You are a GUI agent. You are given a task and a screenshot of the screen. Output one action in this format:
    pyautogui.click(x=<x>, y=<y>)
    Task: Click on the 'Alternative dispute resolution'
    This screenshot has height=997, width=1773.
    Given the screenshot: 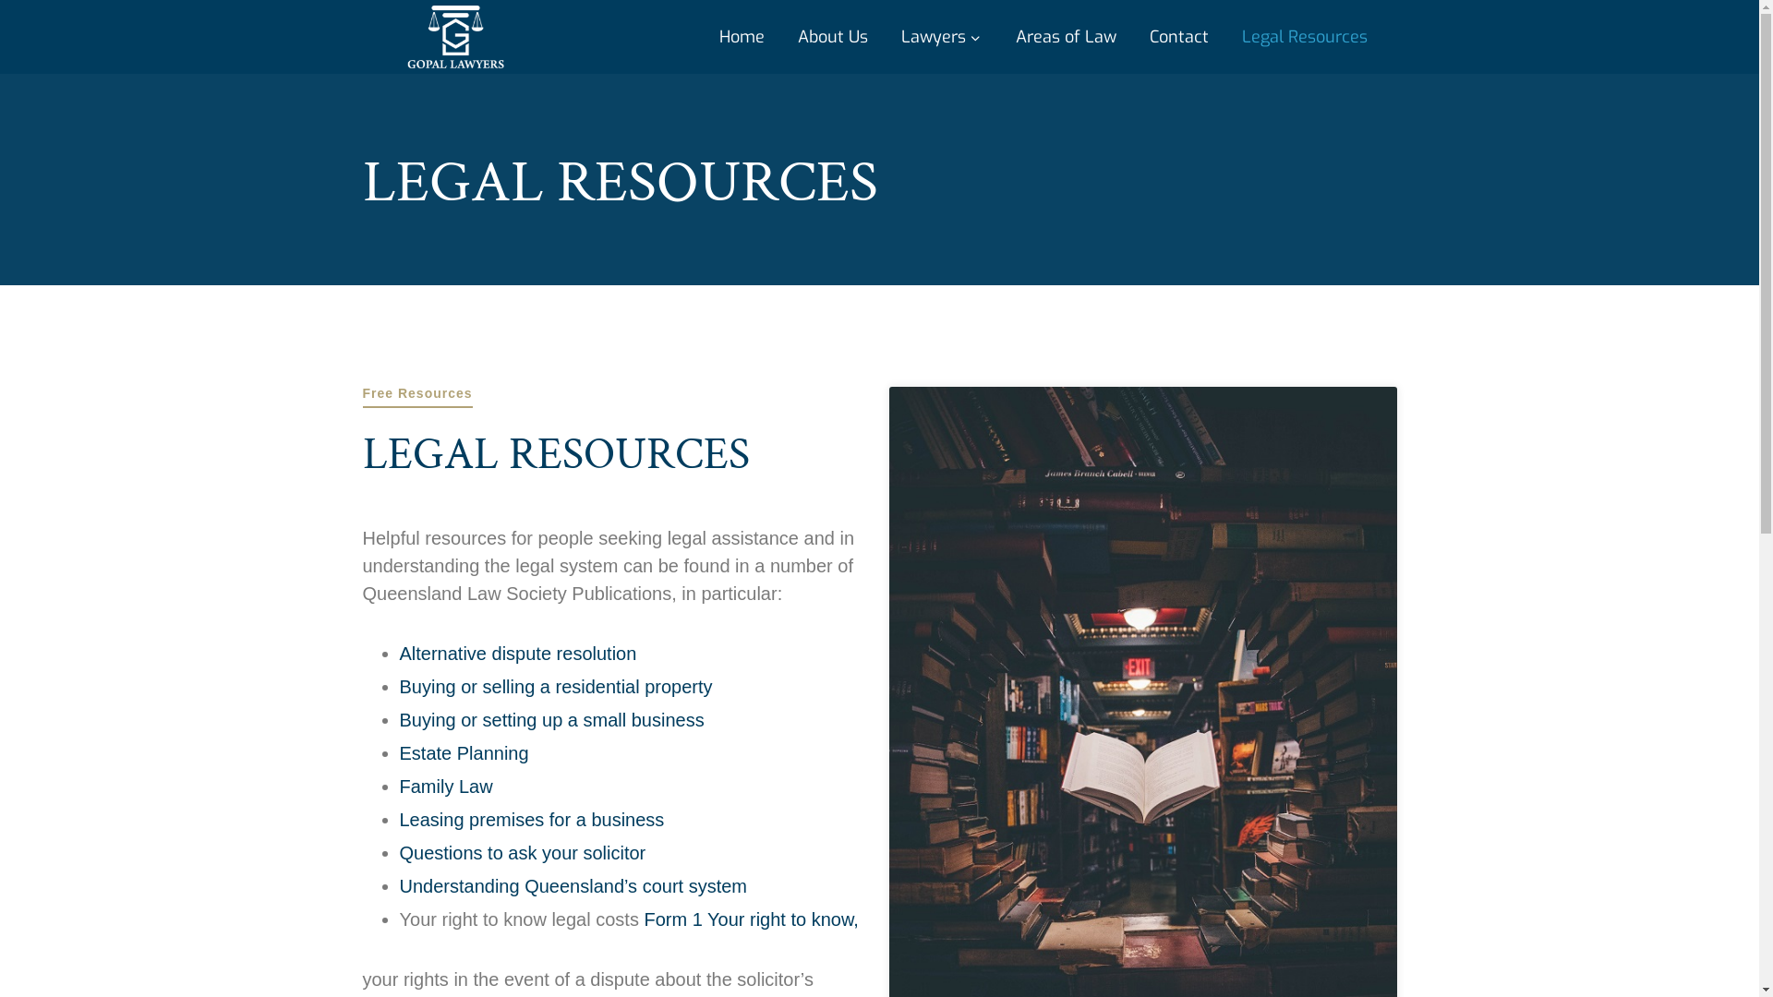 What is the action you would take?
    pyautogui.click(x=517, y=653)
    